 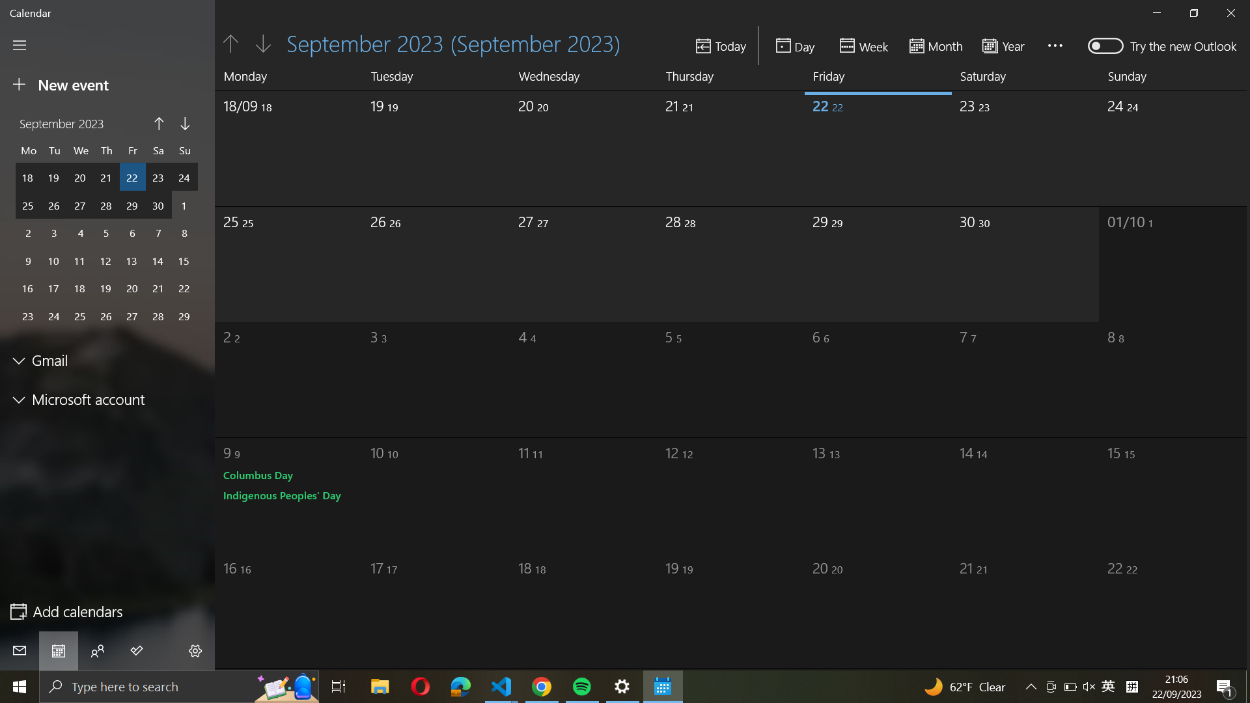 I want to click on Jump to the present day on the calendar, so click(x=721, y=45).